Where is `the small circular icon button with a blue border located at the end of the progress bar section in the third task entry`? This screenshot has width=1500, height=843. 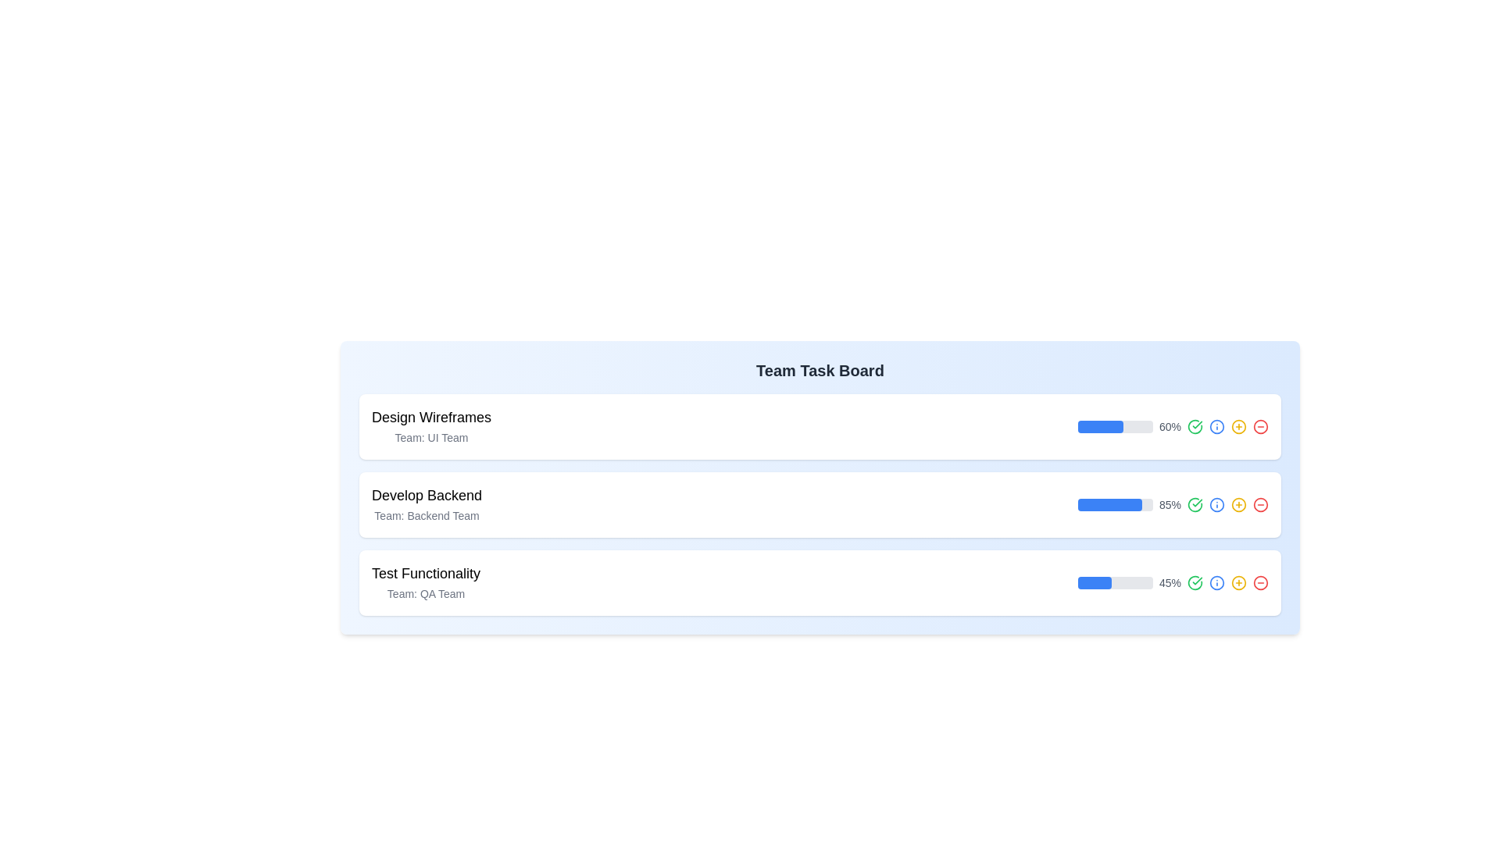
the small circular icon button with a blue border located at the end of the progress bar section in the third task entry is located at coordinates (1216, 583).